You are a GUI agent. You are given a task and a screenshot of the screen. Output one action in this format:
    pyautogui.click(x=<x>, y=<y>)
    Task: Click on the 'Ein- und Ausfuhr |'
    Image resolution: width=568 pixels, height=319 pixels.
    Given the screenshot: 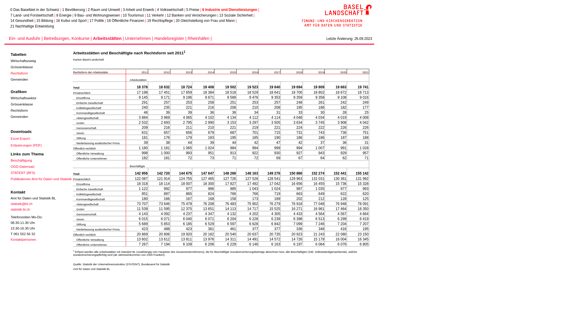 What is the action you would take?
    pyautogui.click(x=9, y=38)
    